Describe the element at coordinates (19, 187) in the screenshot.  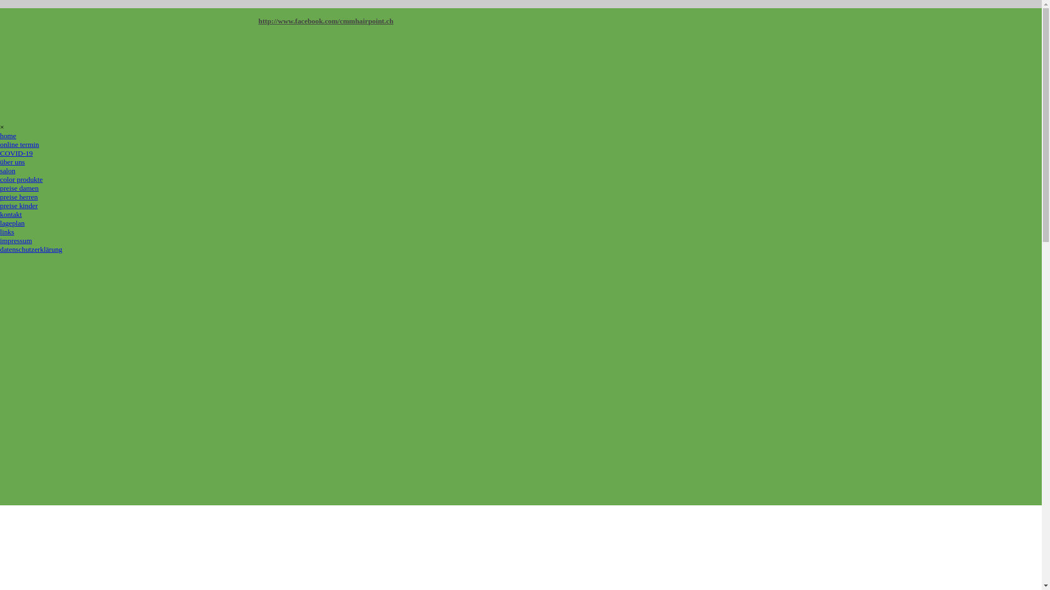
I see `'preise damen'` at that location.